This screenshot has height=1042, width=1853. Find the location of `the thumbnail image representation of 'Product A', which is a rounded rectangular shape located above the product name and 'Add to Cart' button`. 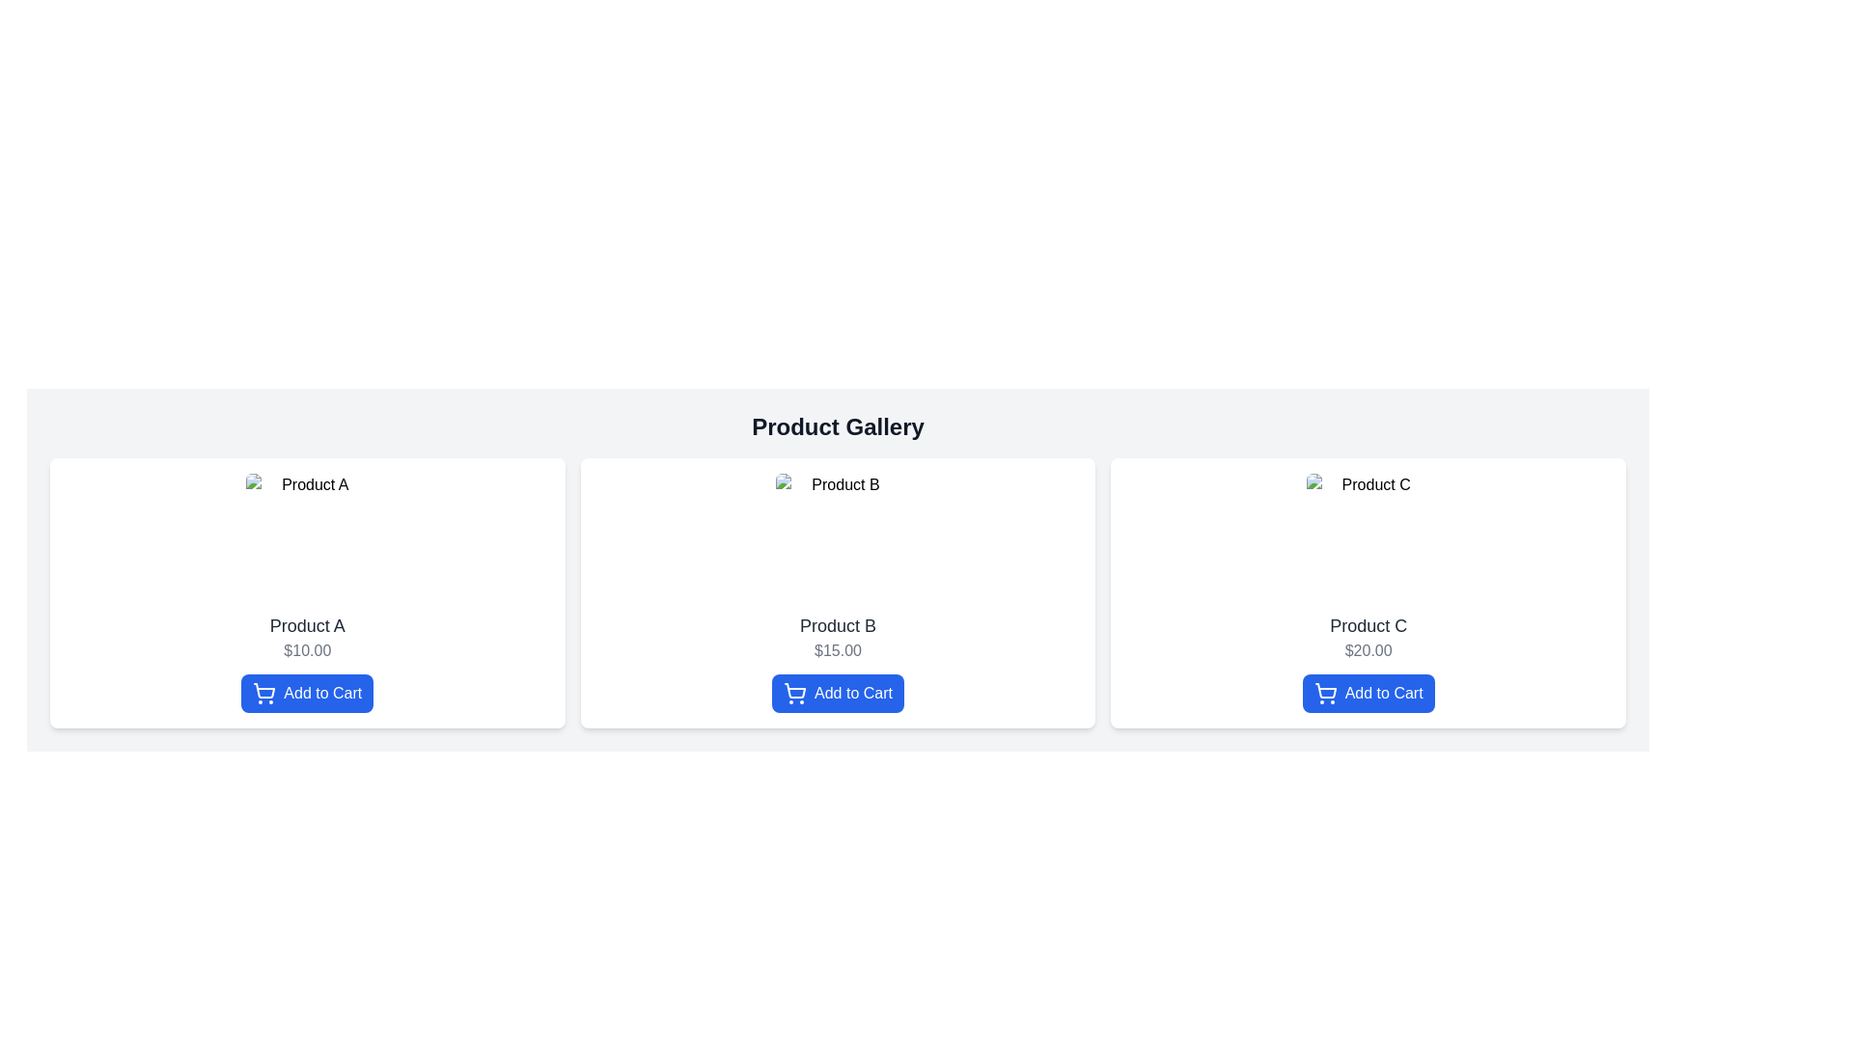

the thumbnail image representation of 'Product A', which is a rounded rectangular shape located above the product name and 'Add to Cart' button is located at coordinates (306, 535).